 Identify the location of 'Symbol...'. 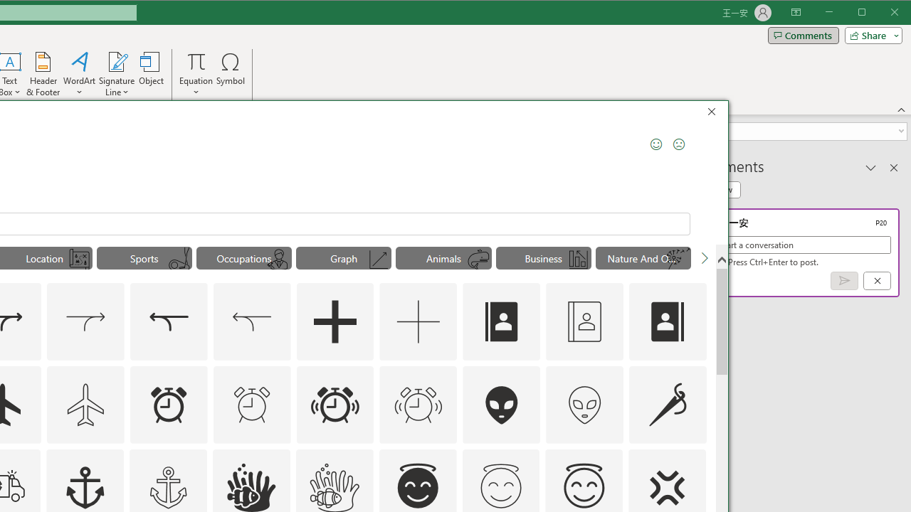
(231, 74).